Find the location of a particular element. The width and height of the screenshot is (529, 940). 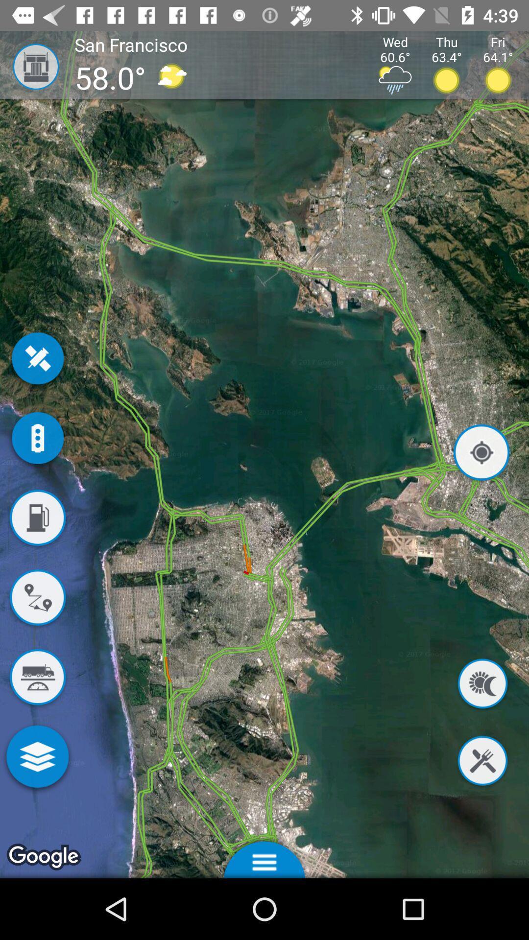

the menu icon is located at coordinates (264, 856).